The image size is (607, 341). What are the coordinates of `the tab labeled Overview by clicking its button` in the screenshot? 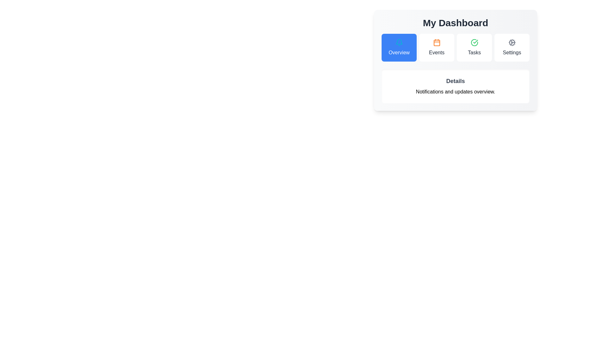 It's located at (399, 47).